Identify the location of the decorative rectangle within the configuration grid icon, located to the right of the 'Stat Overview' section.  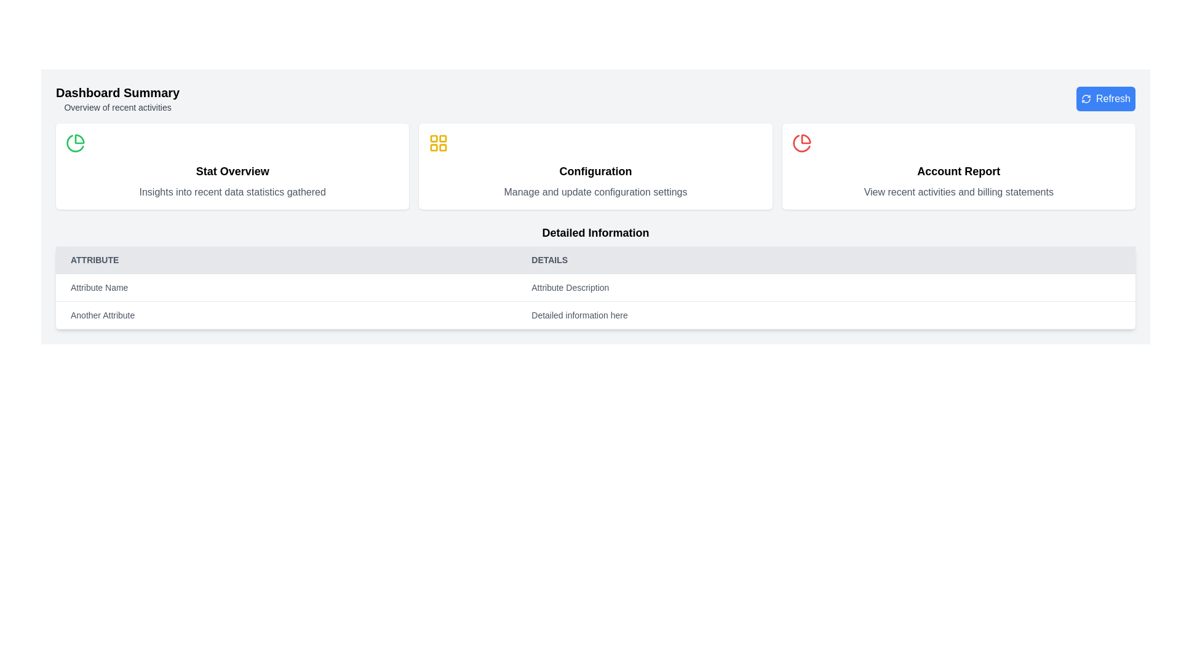
(434, 138).